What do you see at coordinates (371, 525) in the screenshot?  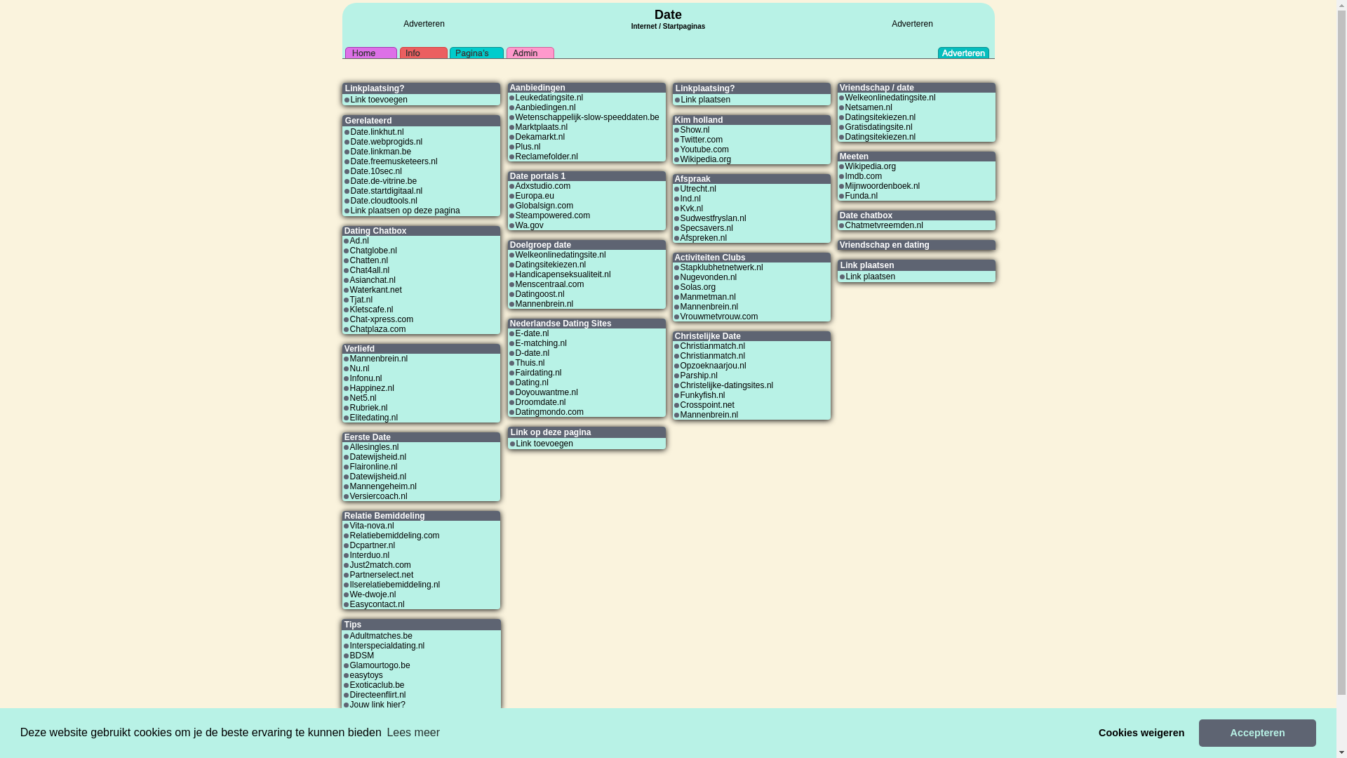 I see `'Vita-nova.nl'` at bounding box center [371, 525].